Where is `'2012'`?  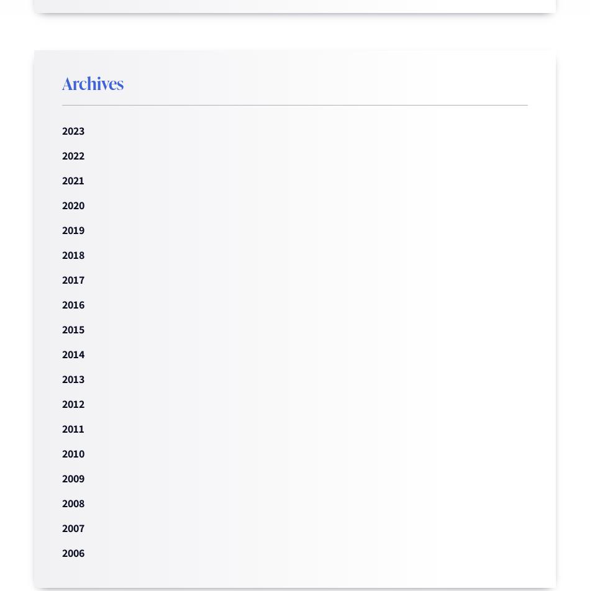 '2012' is located at coordinates (62, 404).